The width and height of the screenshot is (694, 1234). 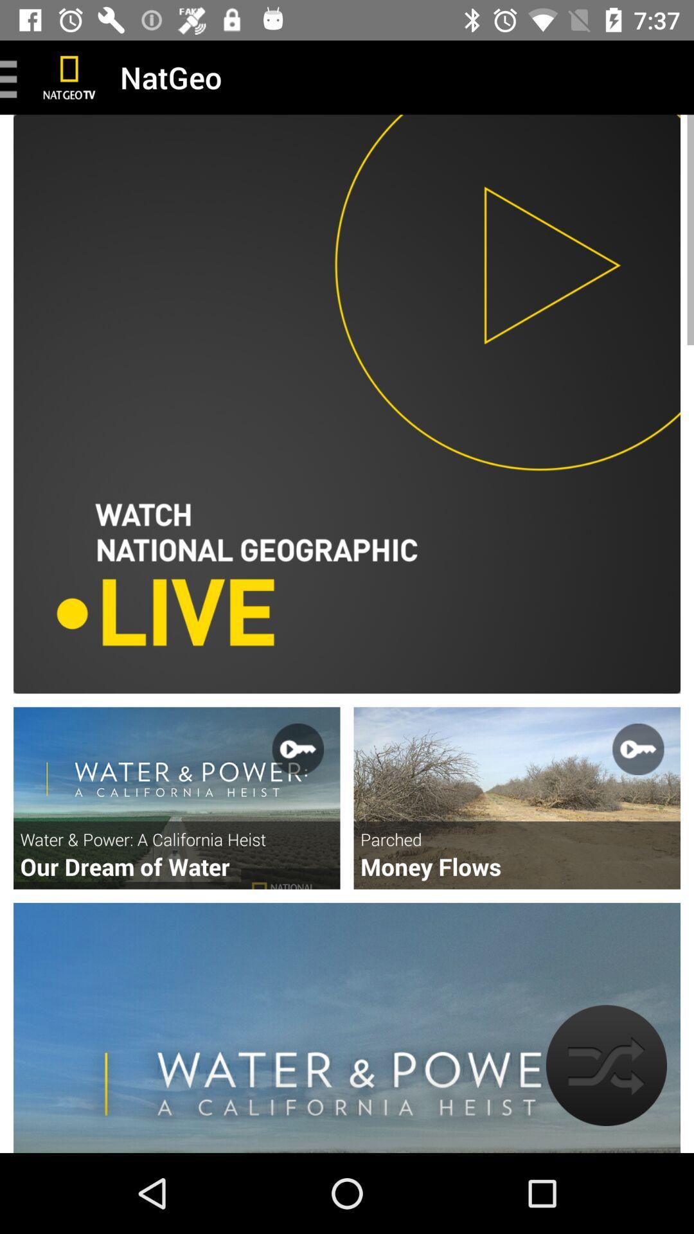 What do you see at coordinates (516, 798) in the screenshot?
I see `the page of the show` at bounding box center [516, 798].